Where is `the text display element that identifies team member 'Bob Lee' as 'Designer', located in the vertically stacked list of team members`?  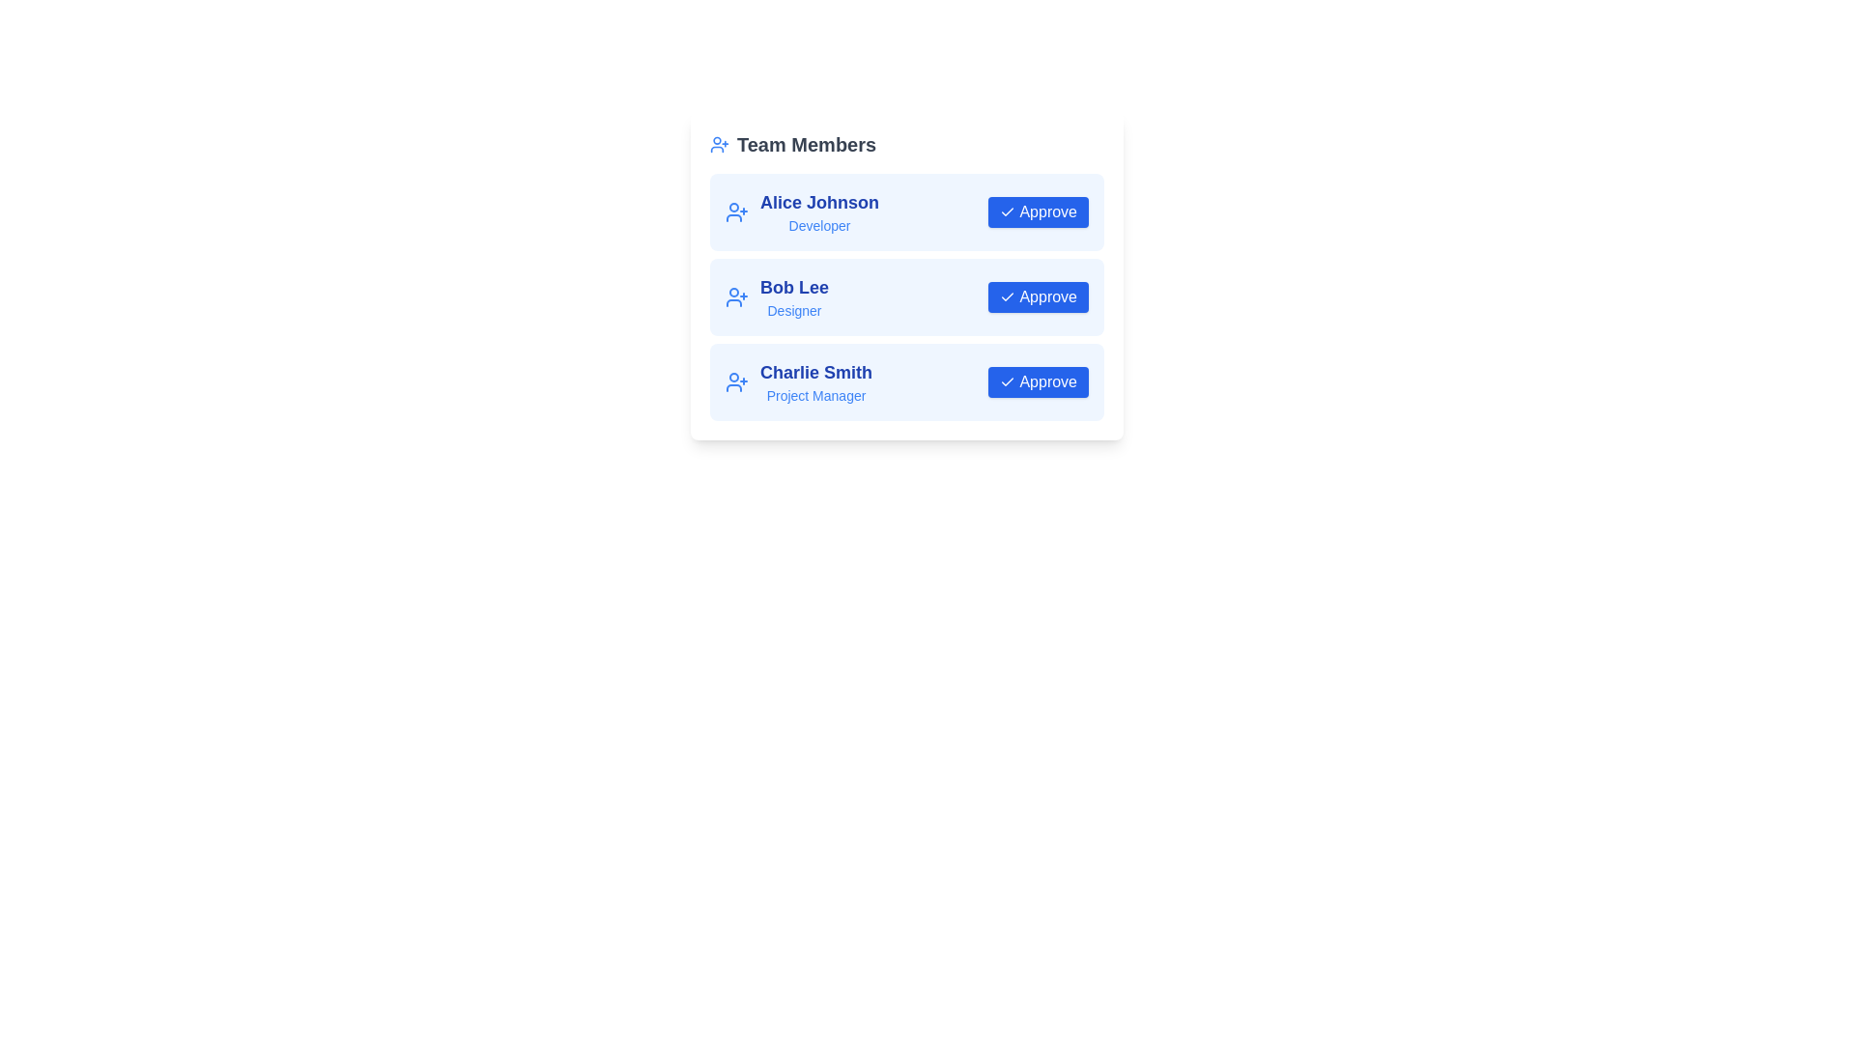 the text display element that identifies team member 'Bob Lee' as 'Designer', located in the vertically stacked list of team members is located at coordinates (794, 297).